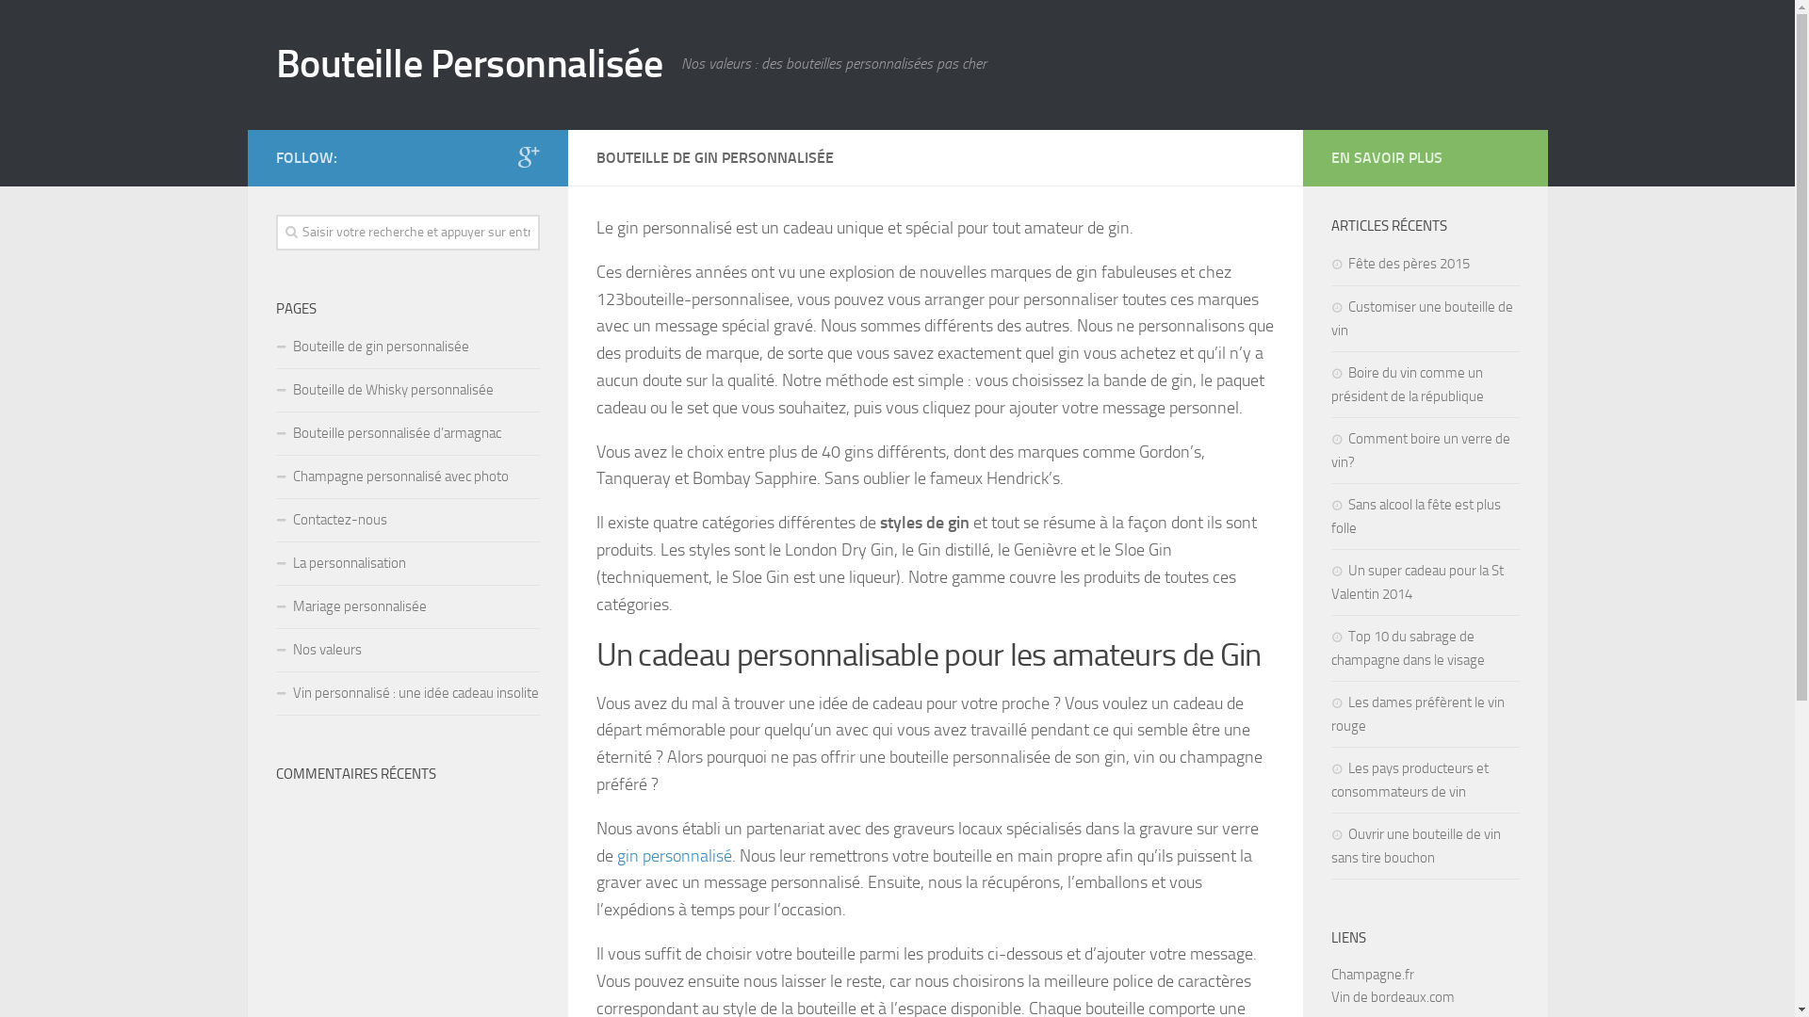 This screenshot has width=1809, height=1017. What do you see at coordinates (1421, 317) in the screenshot?
I see `'Customiser une bouteille de vin'` at bounding box center [1421, 317].